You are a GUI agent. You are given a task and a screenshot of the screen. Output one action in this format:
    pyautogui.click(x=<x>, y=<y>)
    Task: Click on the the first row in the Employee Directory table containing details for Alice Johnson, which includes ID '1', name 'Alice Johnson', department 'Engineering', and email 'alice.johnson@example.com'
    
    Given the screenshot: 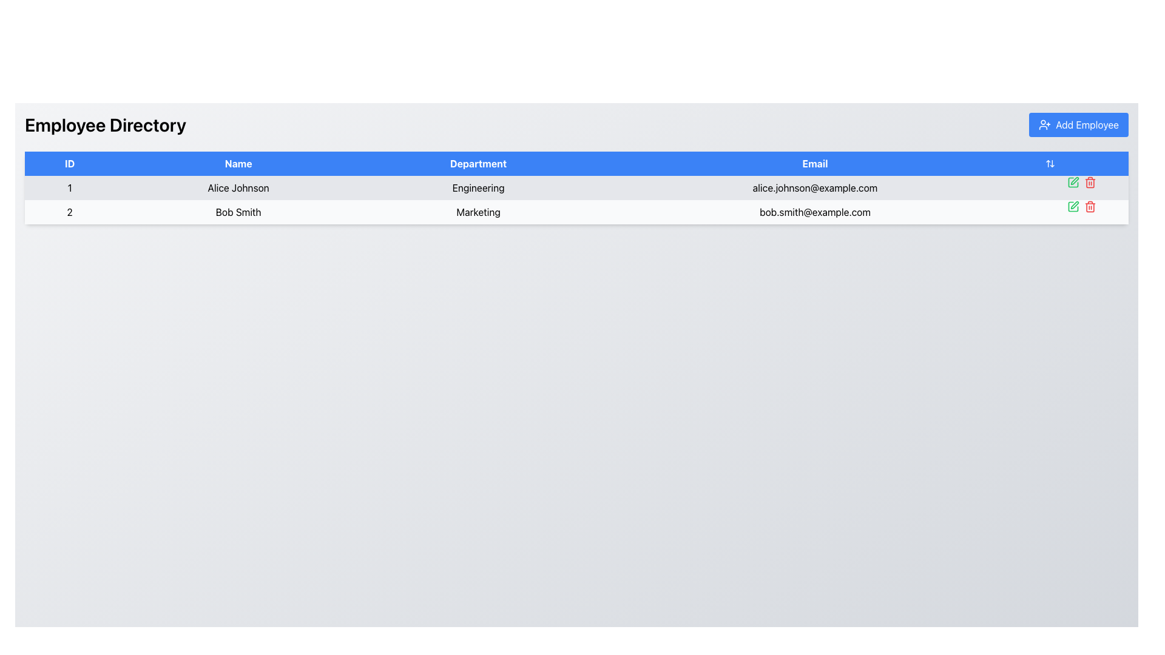 What is the action you would take?
    pyautogui.click(x=576, y=187)
    